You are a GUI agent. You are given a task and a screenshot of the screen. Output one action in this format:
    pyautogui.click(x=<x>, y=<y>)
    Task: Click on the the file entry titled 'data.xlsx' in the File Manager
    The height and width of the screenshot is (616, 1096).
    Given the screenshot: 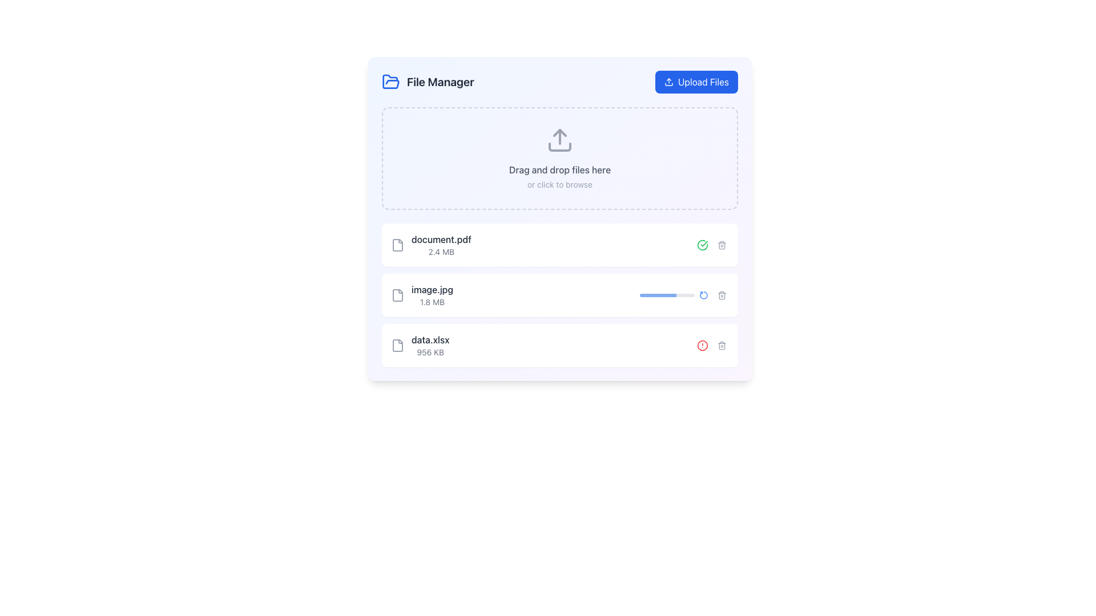 What is the action you would take?
    pyautogui.click(x=559, y=345)
    